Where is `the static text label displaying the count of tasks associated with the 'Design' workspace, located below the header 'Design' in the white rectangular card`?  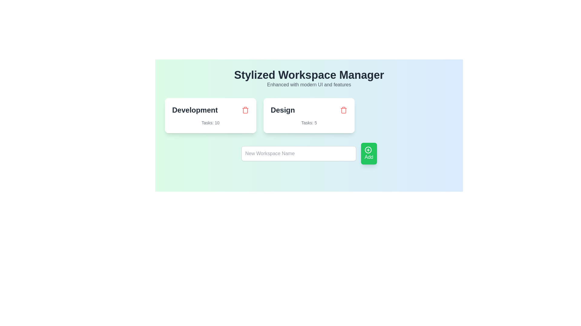
the static text label displaying the count of tasks associated with the 'Design' workspace, located below the header 'Design' in the white rectangular card is located at coordinates (309, 123).